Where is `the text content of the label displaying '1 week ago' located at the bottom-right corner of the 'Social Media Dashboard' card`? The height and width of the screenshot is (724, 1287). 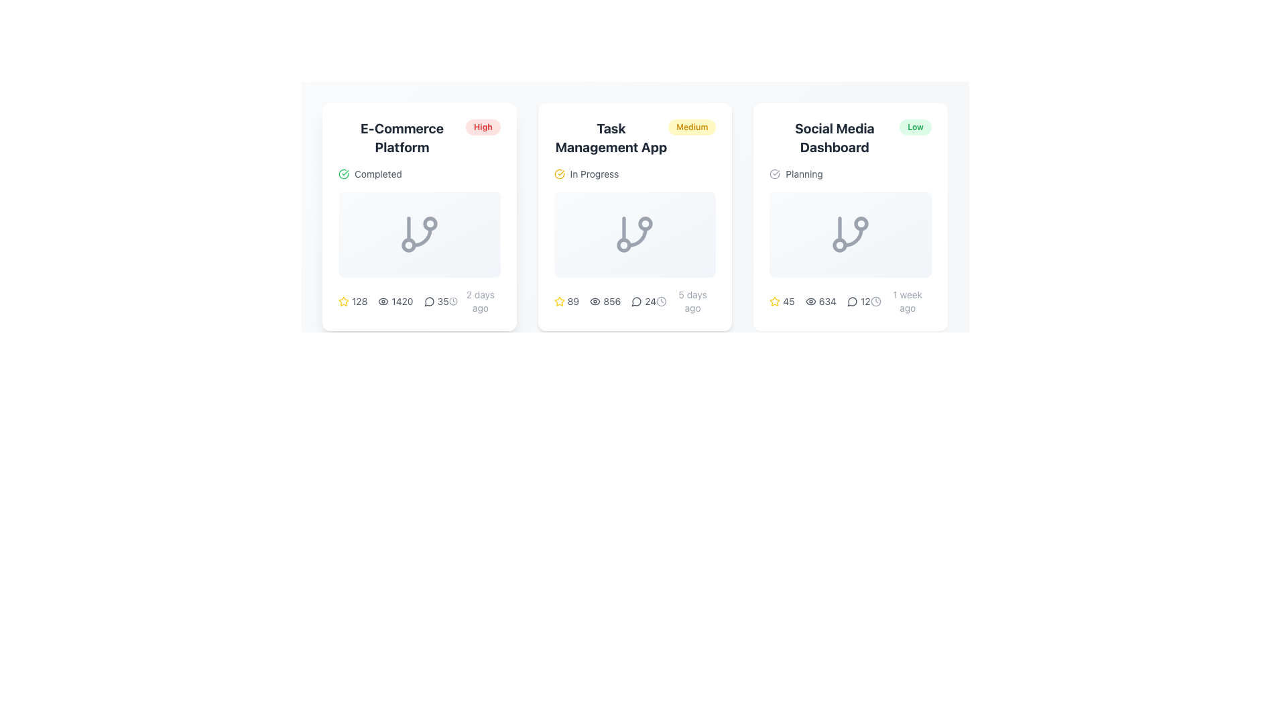 the text content of the label displaying '1 week ago' located at the bottom-right corner of the 'Social Media Dashboard' card is located at coordinates (908, 302).